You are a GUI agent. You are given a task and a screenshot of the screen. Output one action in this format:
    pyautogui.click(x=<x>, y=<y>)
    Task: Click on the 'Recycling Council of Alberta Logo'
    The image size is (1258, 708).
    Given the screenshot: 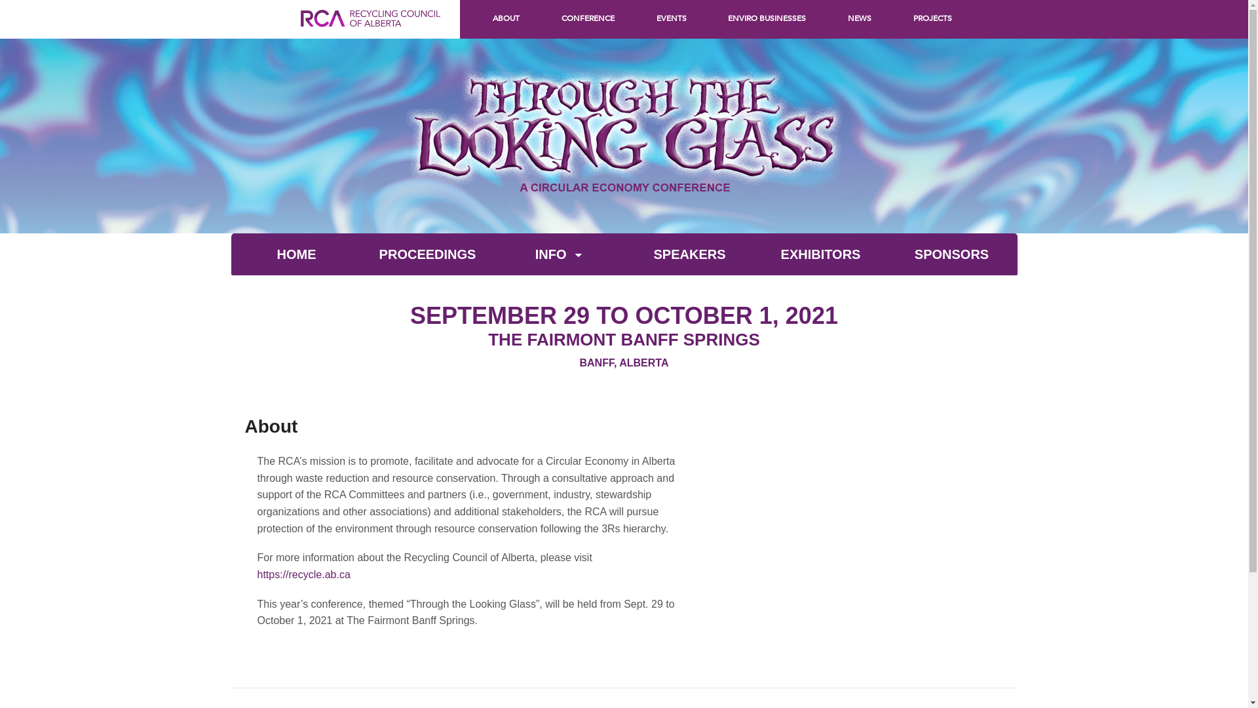 What is the action you would take?
    pyautogui.click(x=299, y=31)
    